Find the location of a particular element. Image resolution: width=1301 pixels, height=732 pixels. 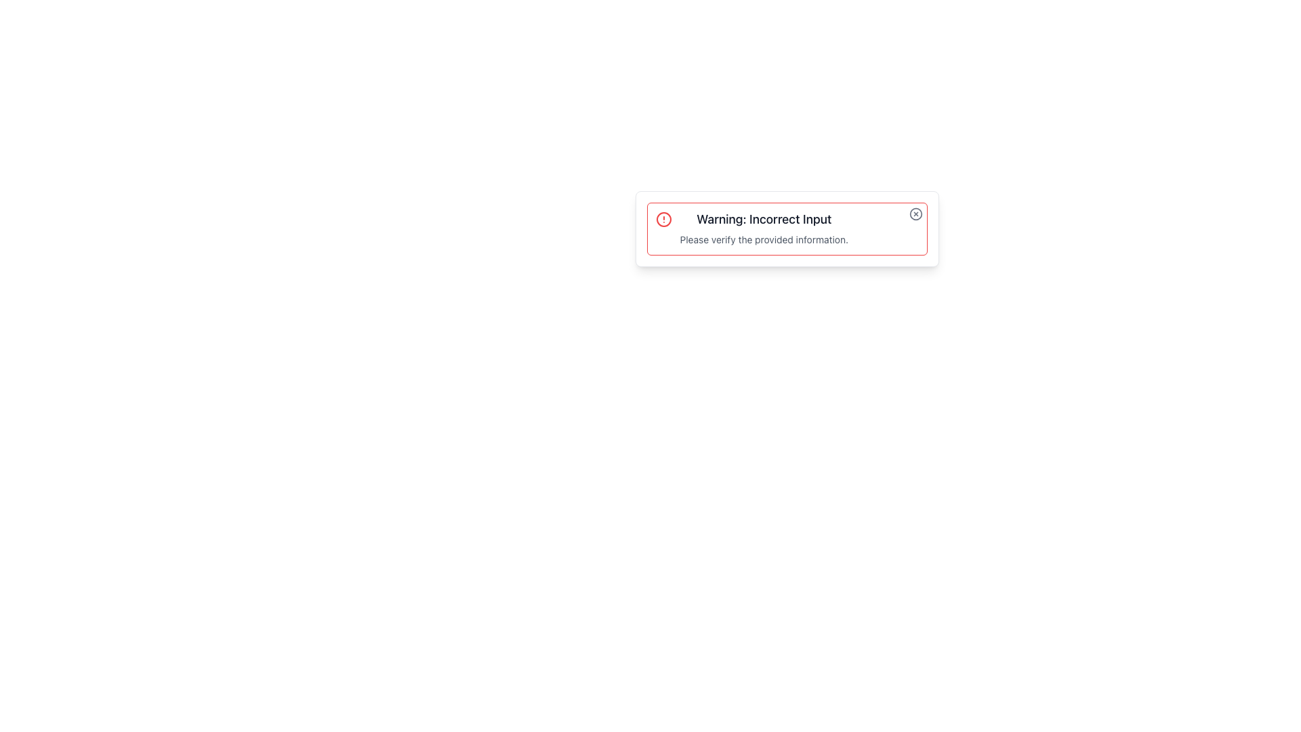

the dismiss button located in the upper-right corner of the warning alert box is located at coordinates (915, 213).